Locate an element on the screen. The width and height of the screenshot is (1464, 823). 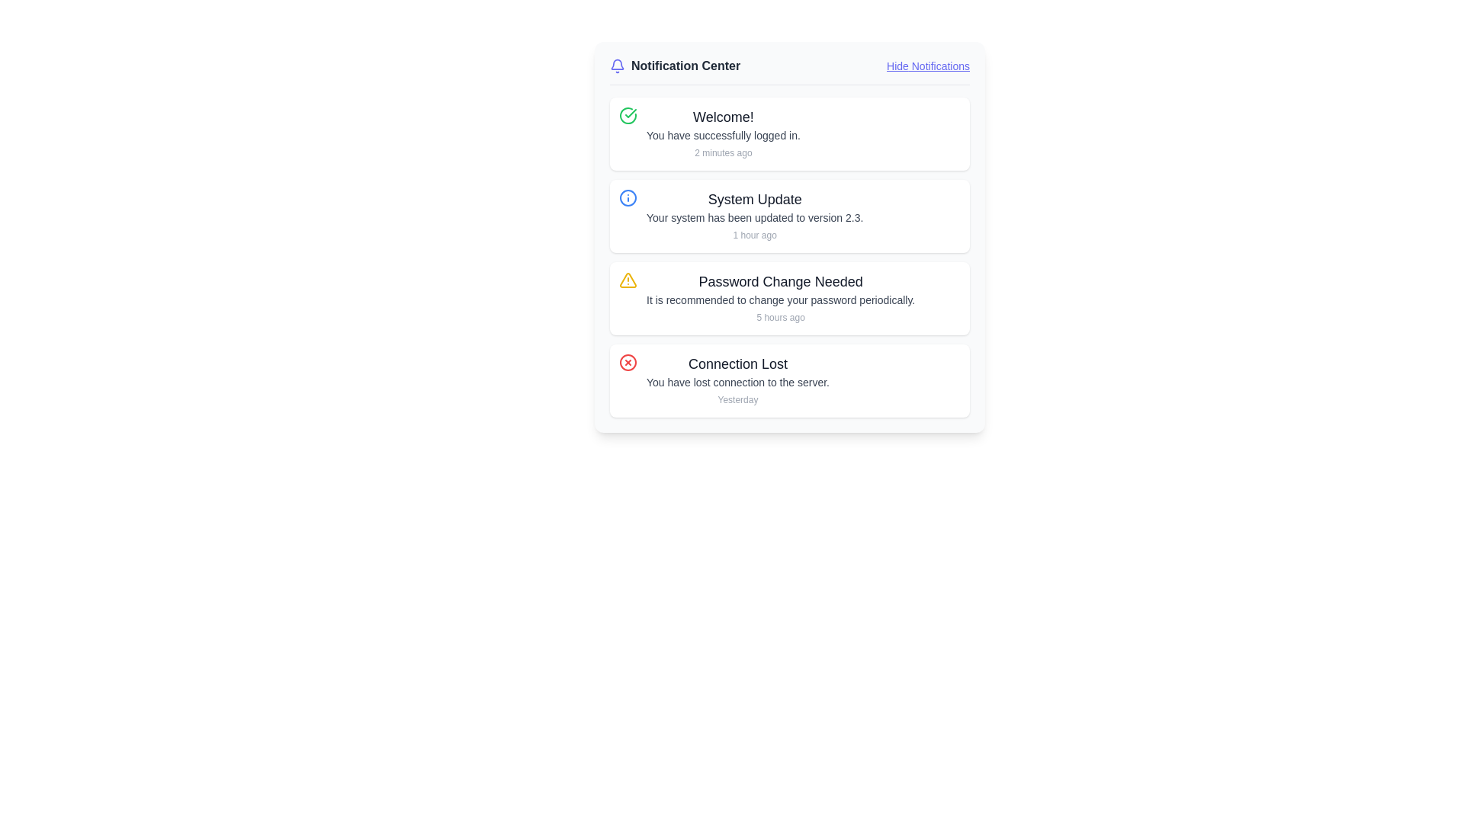
the text display element that shows the welcome message 'Welcome!', the message 'You have successfully logged in.', and the timestamp '2 minutes ago' is located at coordinates (722, 133).